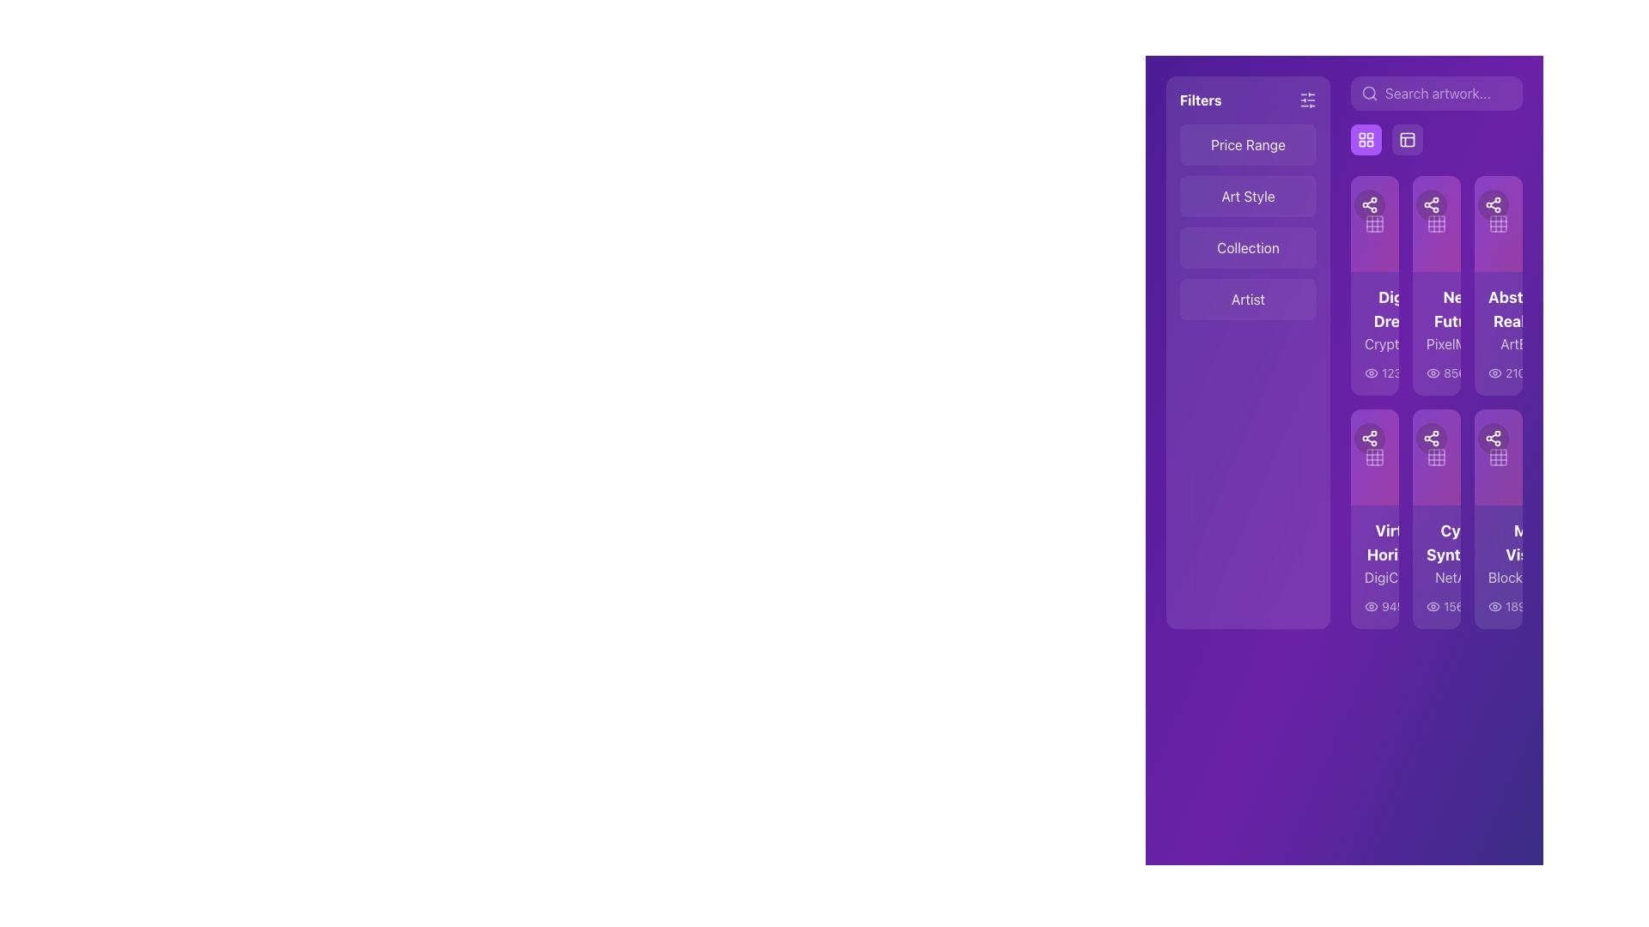  Describe the element at coordinates (1437, 553) in the screenshot. I see `the text label that serves as the main title and subtitle for the third card in the second row of the main card grid by moving the cursor to its center` at that location.